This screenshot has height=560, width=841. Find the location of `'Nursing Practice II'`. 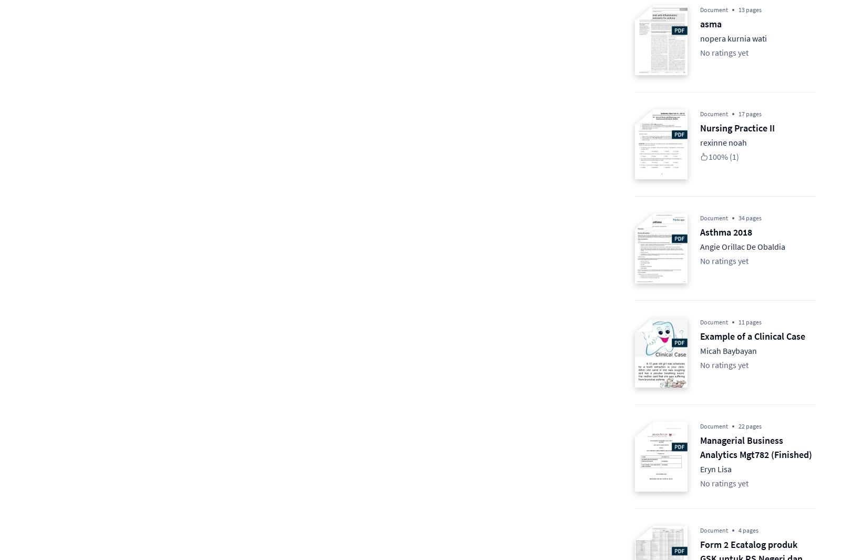

'Nursing Practice II' is located at coordinates (700, 127).